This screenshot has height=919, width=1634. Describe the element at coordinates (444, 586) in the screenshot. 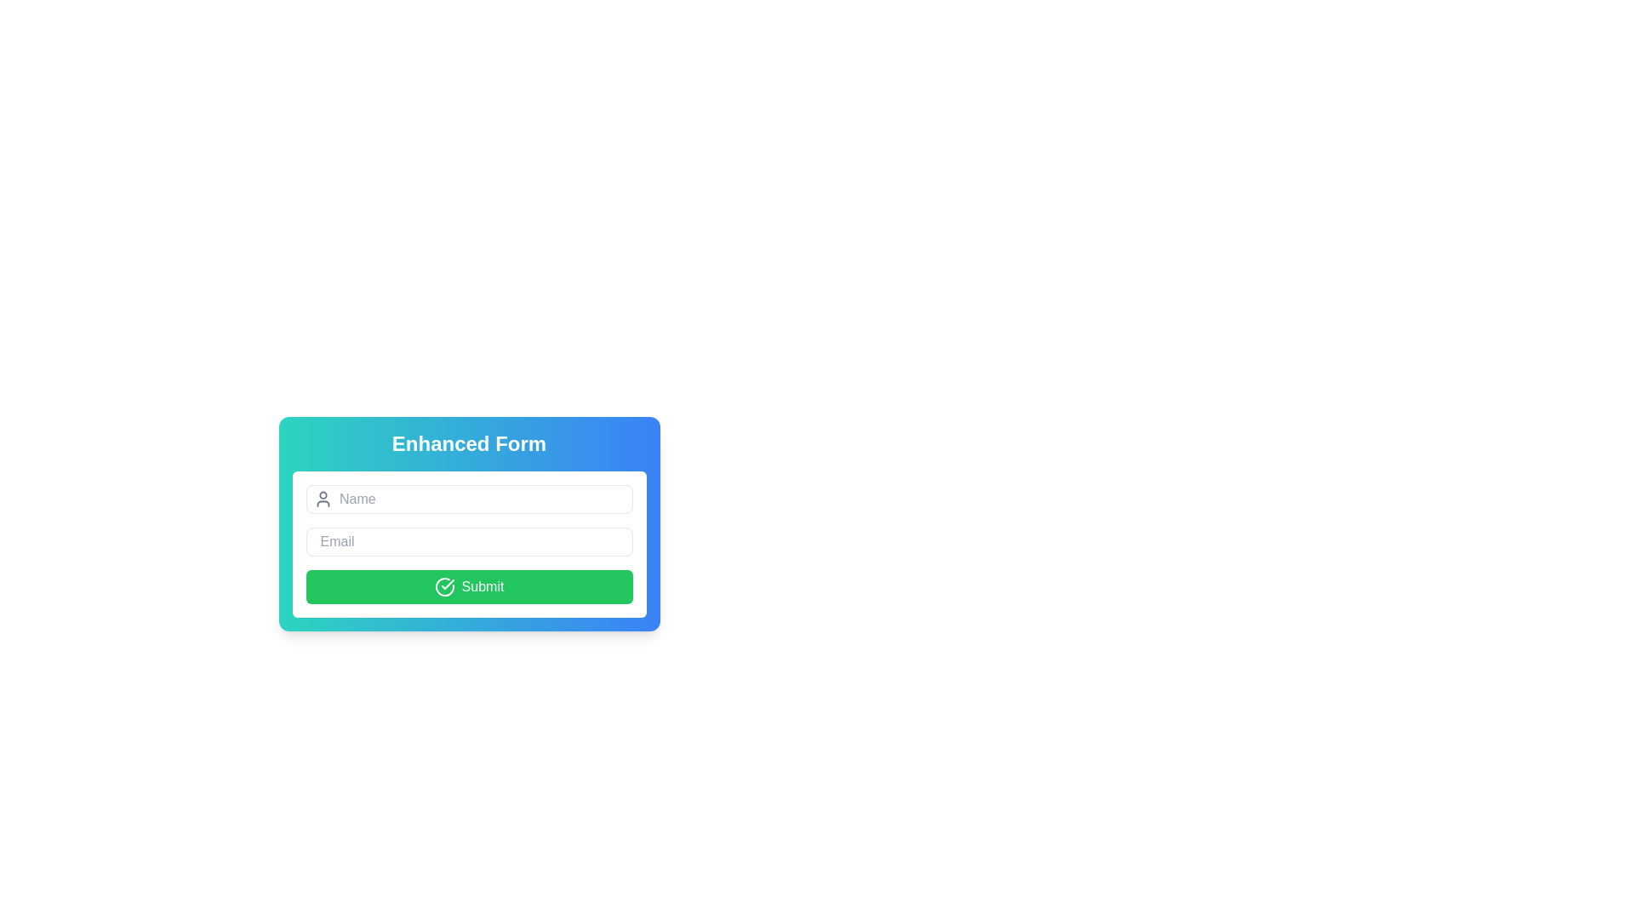

I see `the circular graphical icon that is part of the SVG graphic located on the right side of the green 'Submit' button` at that location.